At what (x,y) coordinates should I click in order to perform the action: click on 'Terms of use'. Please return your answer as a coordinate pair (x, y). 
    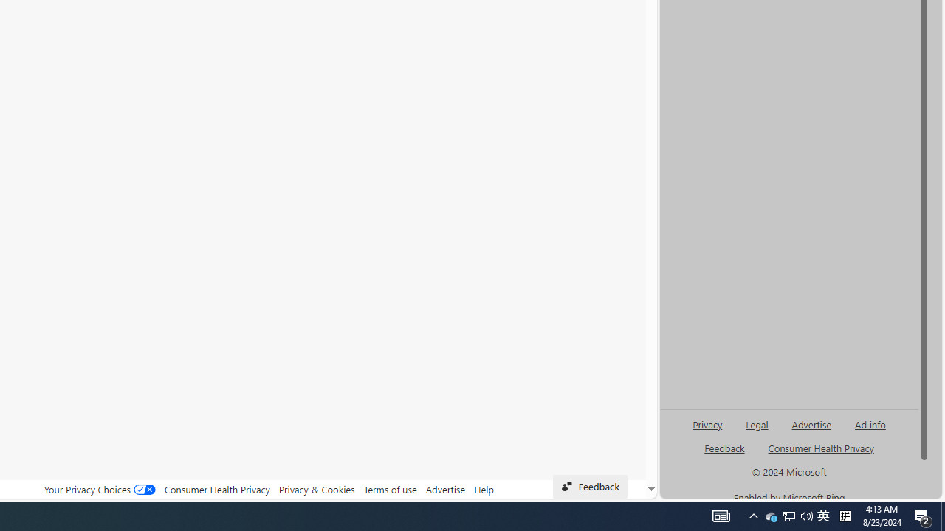
    Looking at the image, I should click on (390, 489).